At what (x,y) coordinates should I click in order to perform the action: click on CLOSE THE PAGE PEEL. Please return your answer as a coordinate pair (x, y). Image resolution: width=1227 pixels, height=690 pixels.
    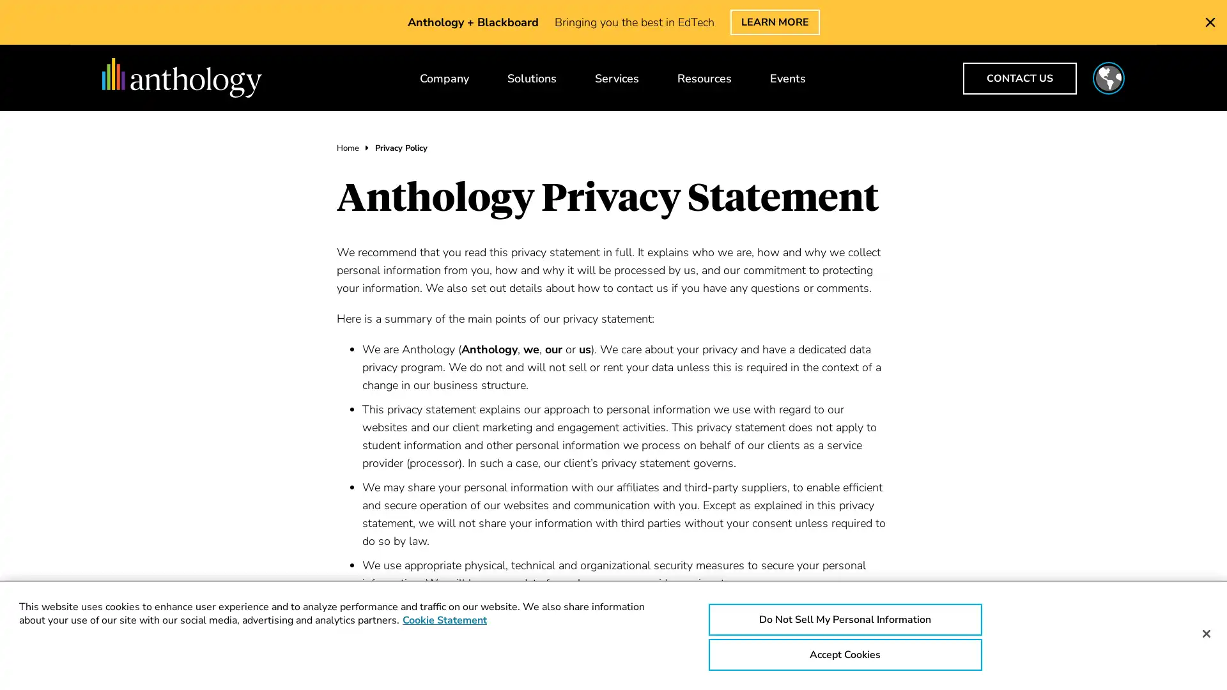
    Looking at the image, I should click on (1210, 22).